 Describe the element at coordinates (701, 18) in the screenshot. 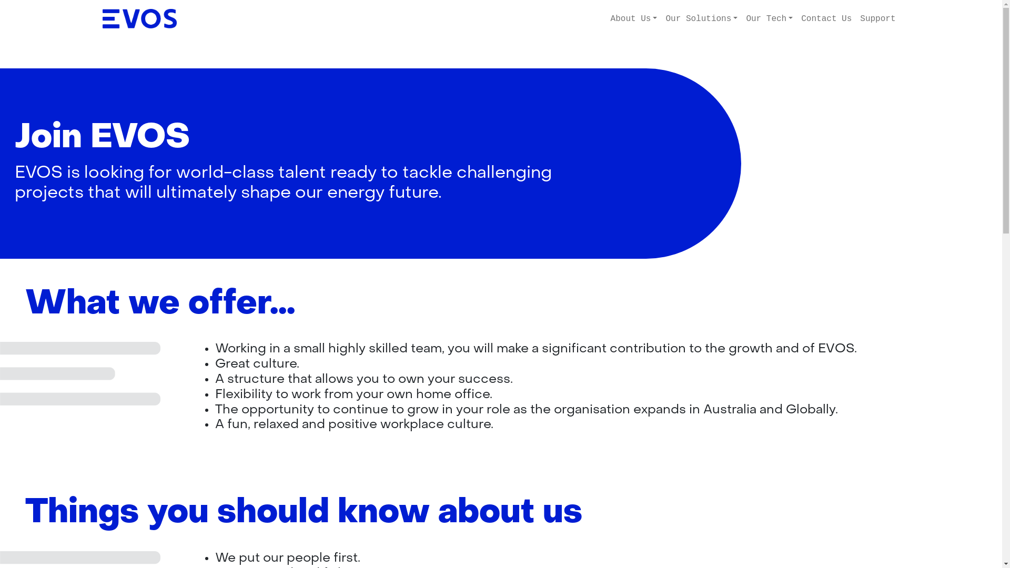

I see `'Our Solutions'` at that location.